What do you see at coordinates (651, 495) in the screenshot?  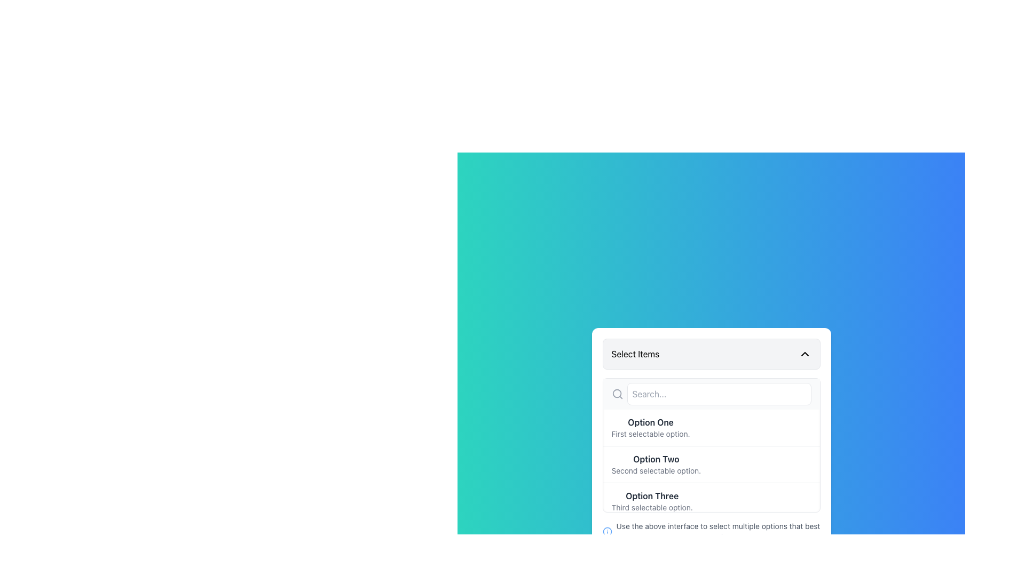 I see `the text label that serves as the third item in a dropdown menu, located below 'Option One' and 'Option Two', and above 'Third selectable option'` at bounding box center [651, 495].